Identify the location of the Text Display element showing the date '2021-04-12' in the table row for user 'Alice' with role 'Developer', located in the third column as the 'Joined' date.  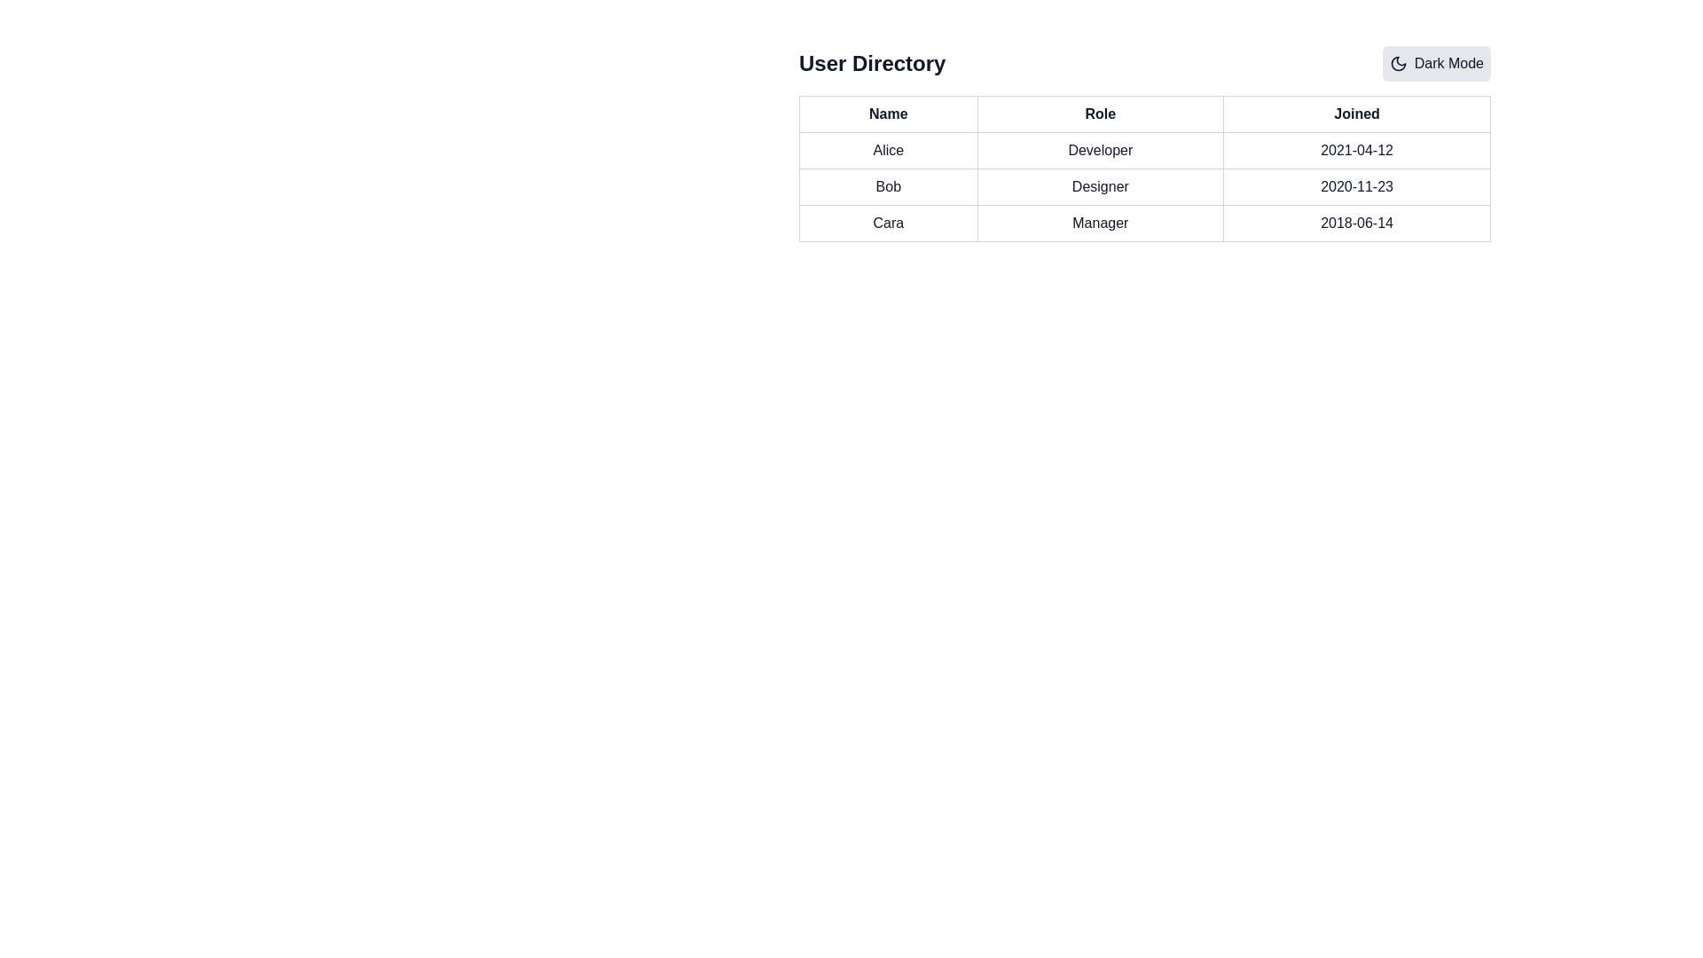
(1356, 149).